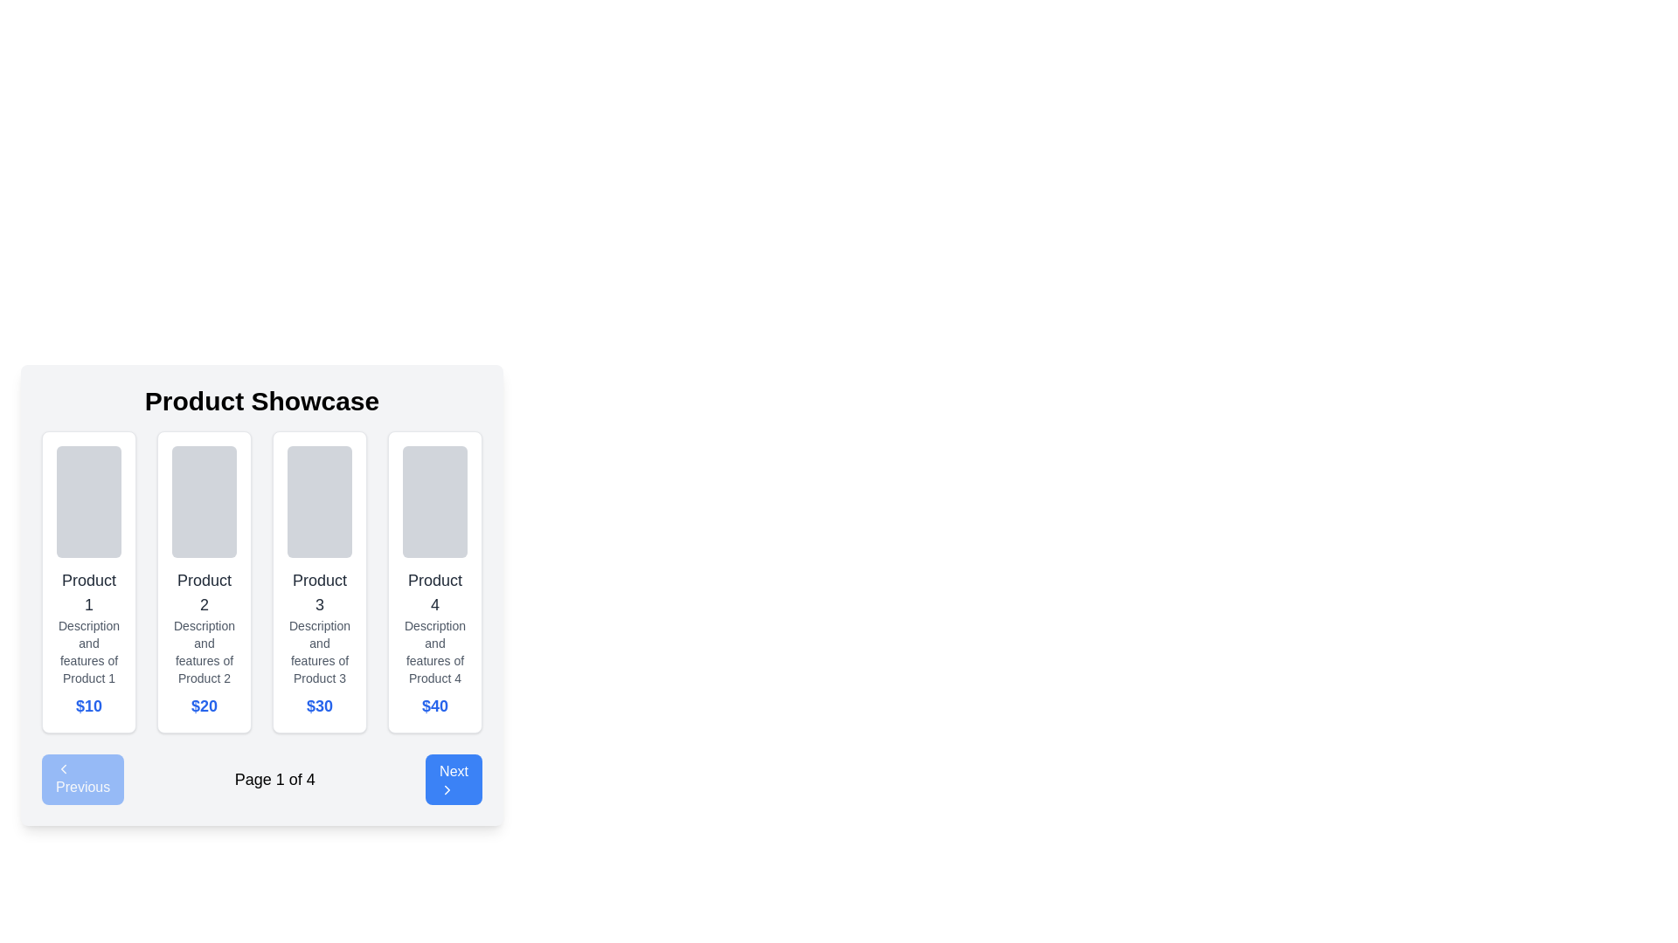 This screenshot has height=943, width=1678. Describe the element at coordinates (435, 652) in the screenshot. I see `the text display that summarizes the features of 'Product 4', located below its title and above the price` at that location.